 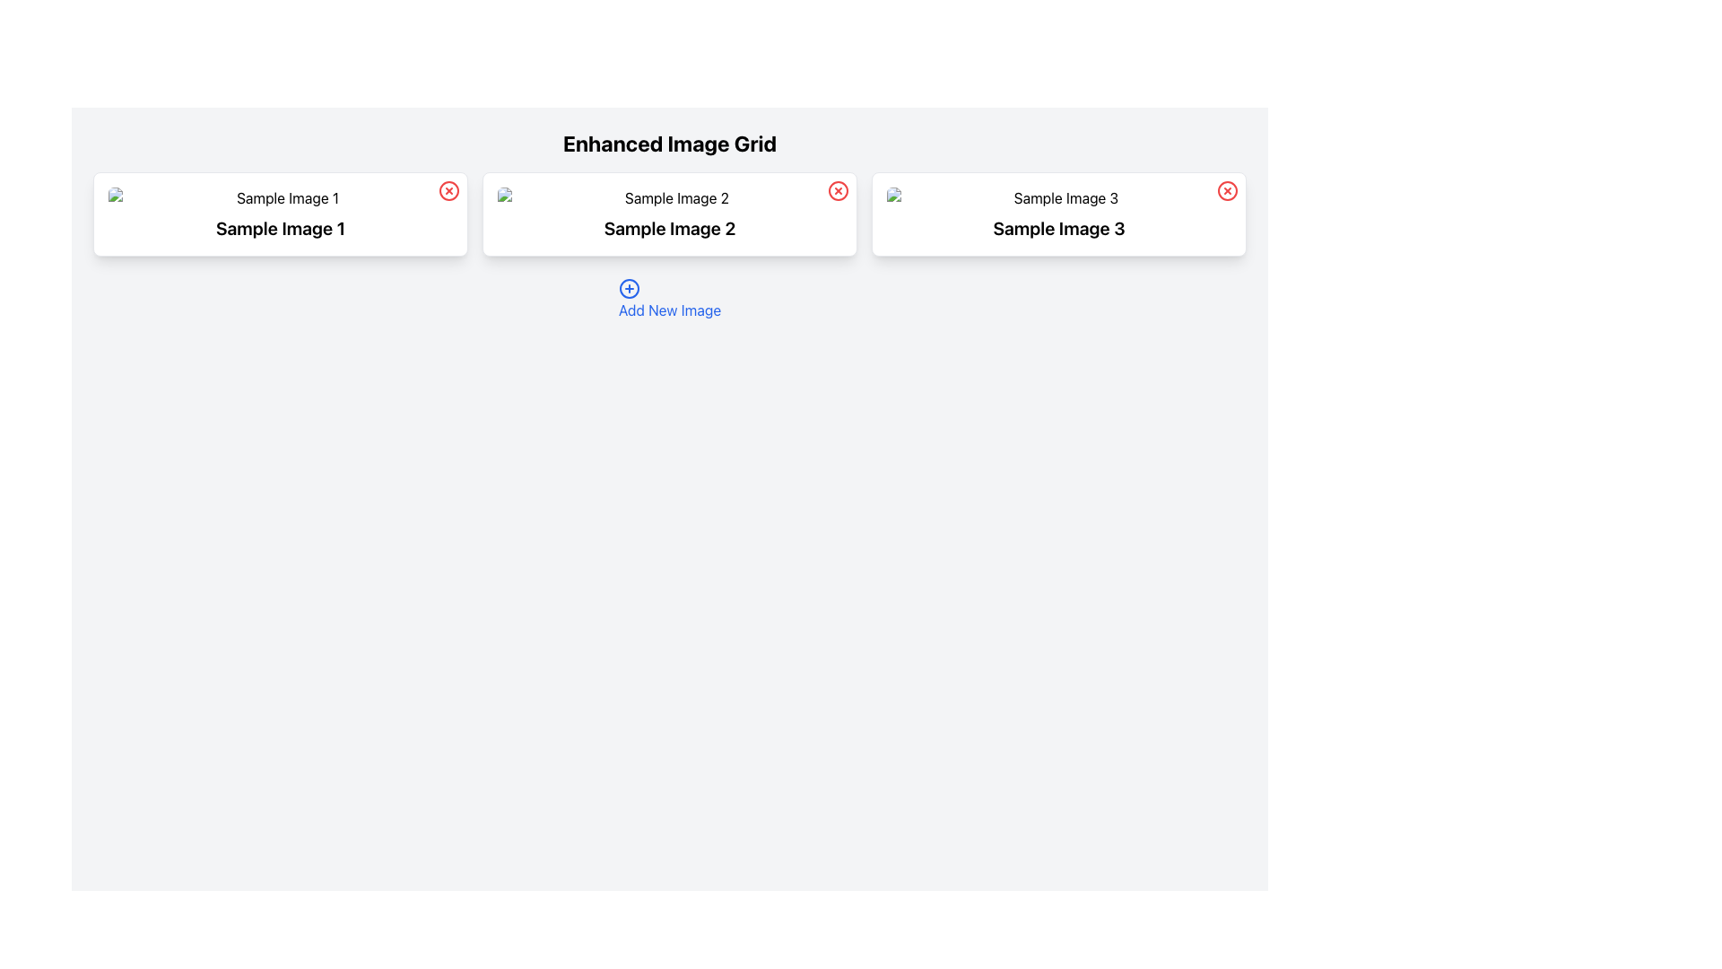 I want to click on the circular icon button with a red border and an 'X' design located at the top-right corner of the 'Sample Image 3' card, so click(x=1226, y=190).